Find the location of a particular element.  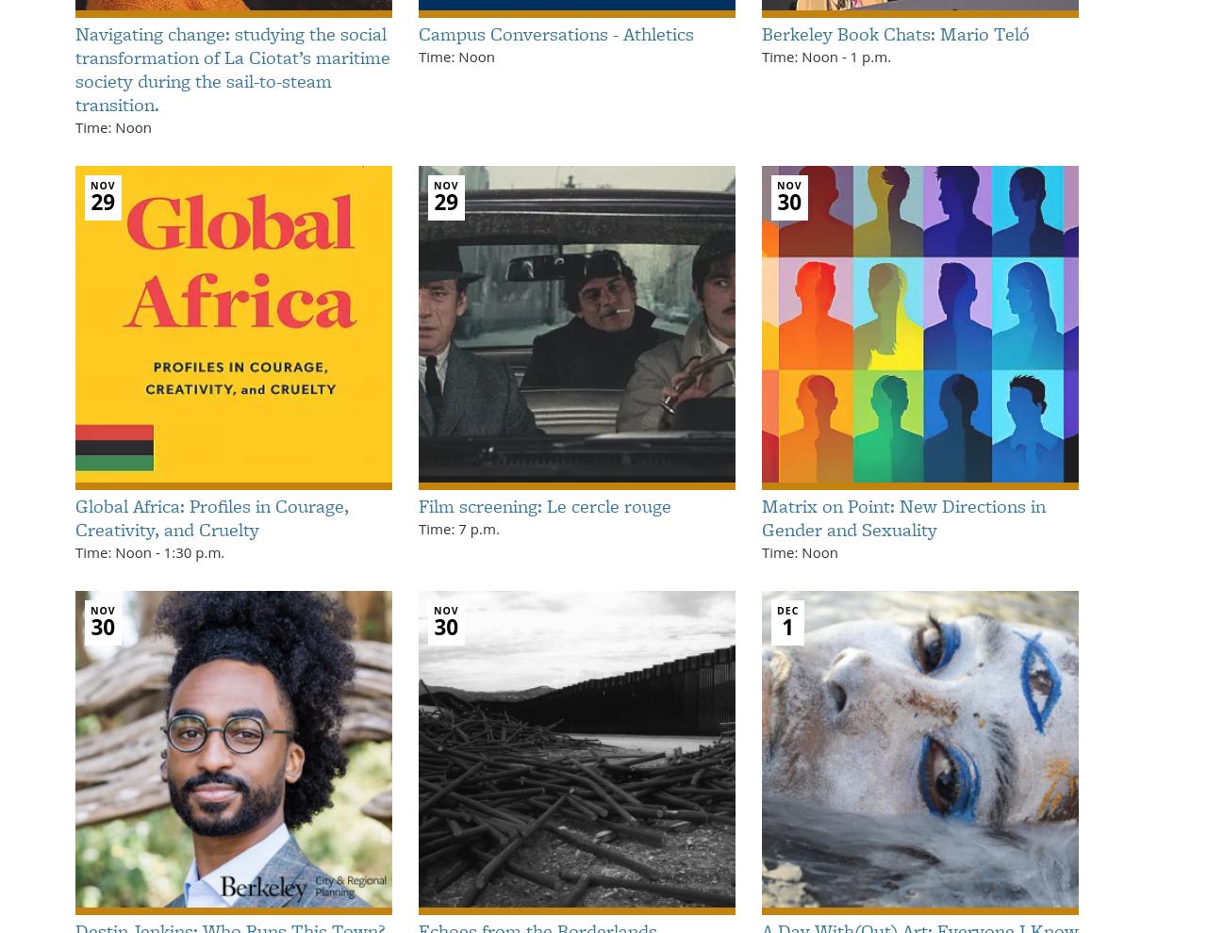

'Film screening: Le cercle rouge' is located at coordinates (544, 503).